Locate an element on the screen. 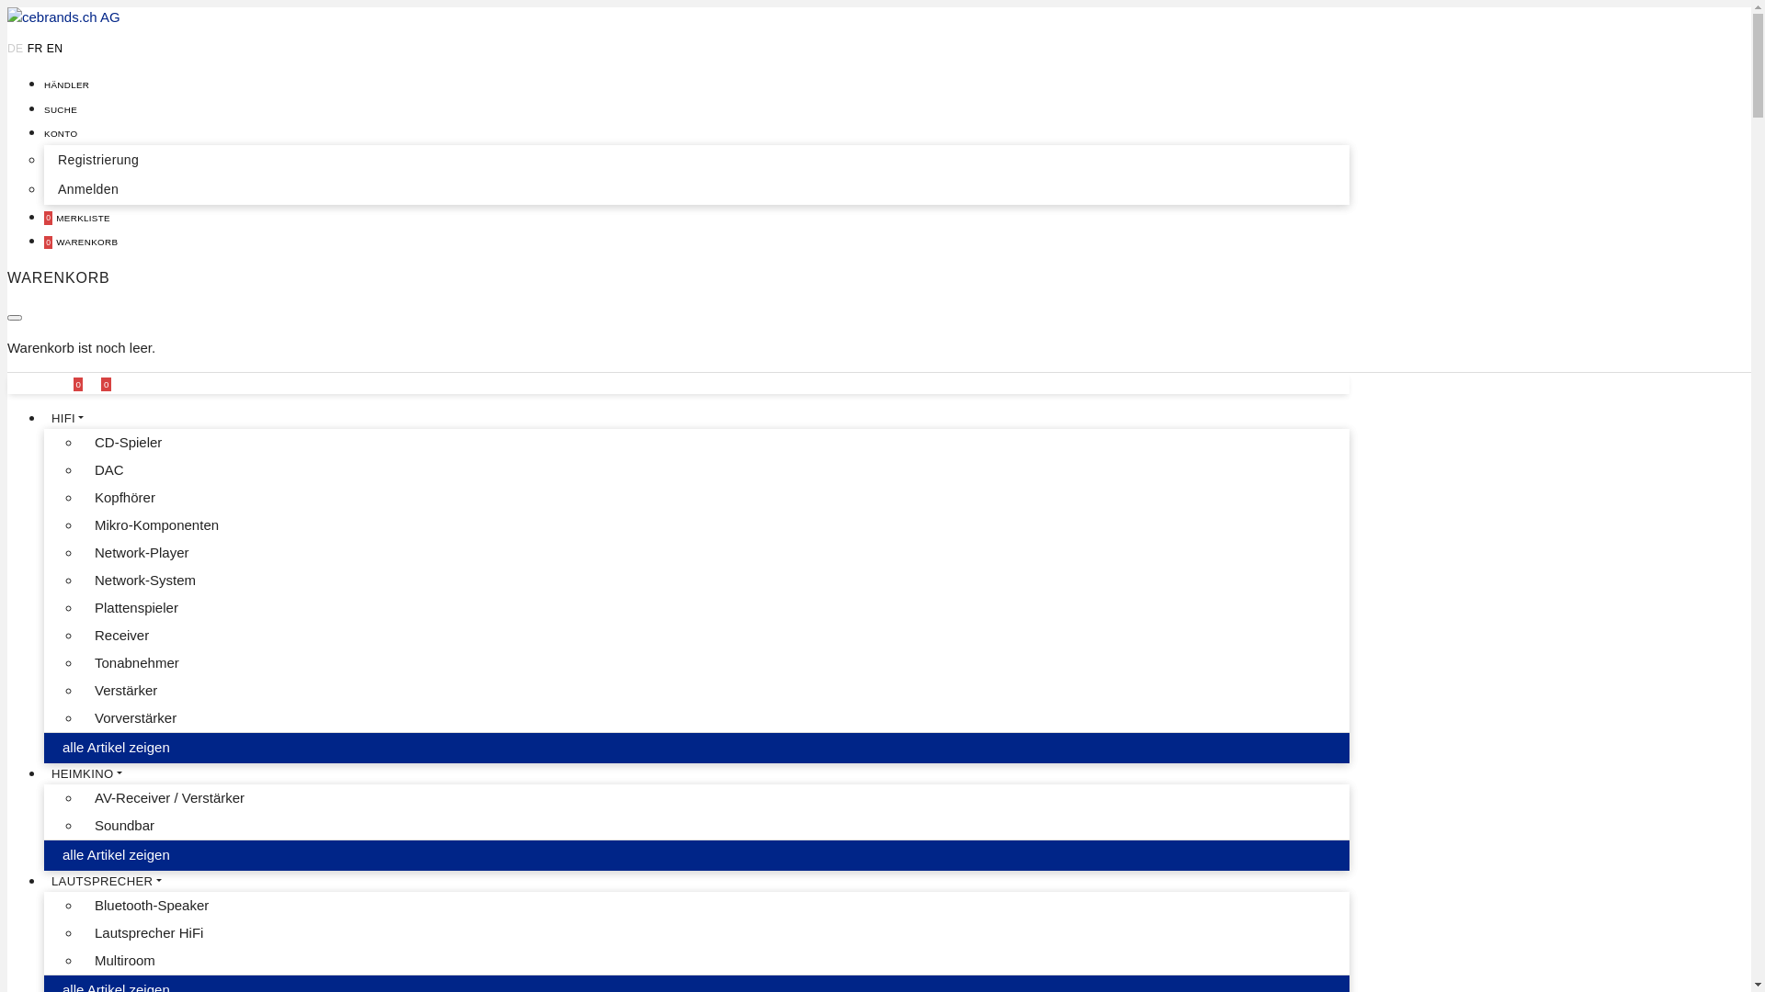  'Soundbar' is located at coordinates (186, 824).